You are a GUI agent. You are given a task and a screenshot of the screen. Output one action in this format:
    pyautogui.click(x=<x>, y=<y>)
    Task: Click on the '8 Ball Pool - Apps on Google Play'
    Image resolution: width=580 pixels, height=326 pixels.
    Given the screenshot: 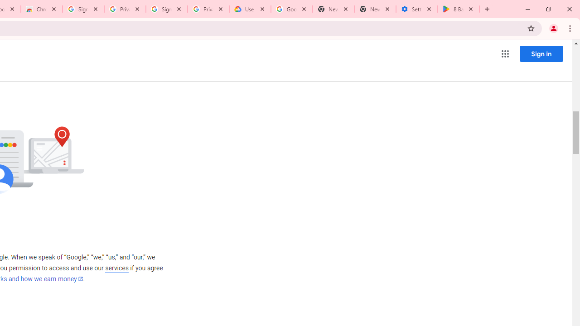 What is the action you would take?
    pyautogui.click(x=459, y=9)
    